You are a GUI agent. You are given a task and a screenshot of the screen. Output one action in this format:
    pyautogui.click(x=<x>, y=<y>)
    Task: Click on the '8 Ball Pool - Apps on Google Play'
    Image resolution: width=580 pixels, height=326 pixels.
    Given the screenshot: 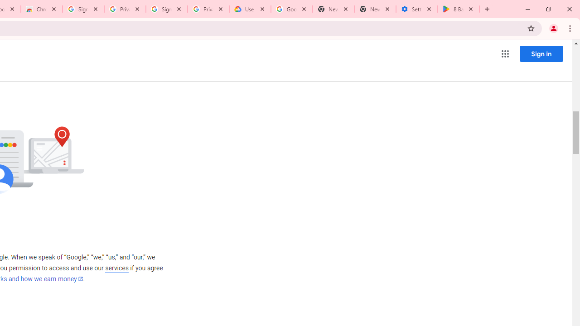 What is the action you would take?
    pyautogui.click(x=459, y=9)
    